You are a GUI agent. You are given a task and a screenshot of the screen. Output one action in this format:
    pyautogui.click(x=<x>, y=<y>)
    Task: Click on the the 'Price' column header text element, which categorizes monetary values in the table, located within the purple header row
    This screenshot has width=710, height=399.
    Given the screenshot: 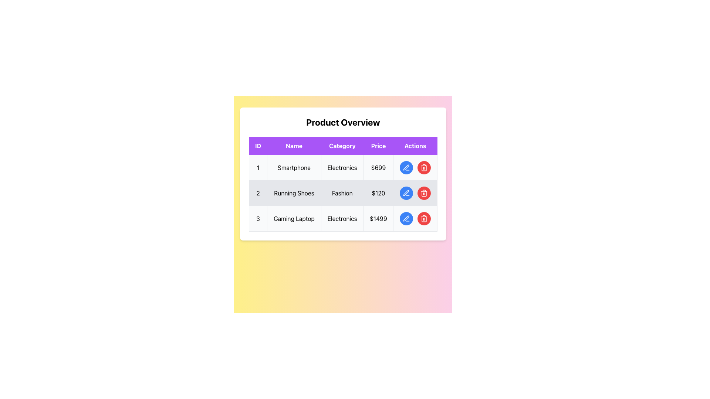 What is the action you would take?
    pyautogui.click(x=378, y=146)
    